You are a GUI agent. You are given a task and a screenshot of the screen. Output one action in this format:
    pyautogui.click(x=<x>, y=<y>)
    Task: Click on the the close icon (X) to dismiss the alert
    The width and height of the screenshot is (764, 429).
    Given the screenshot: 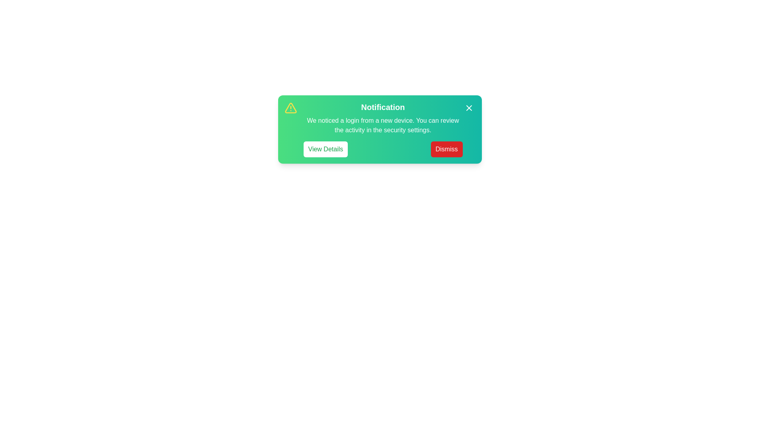 What is the action you would take?
    pyautogui.click(x=469, y=108)
    